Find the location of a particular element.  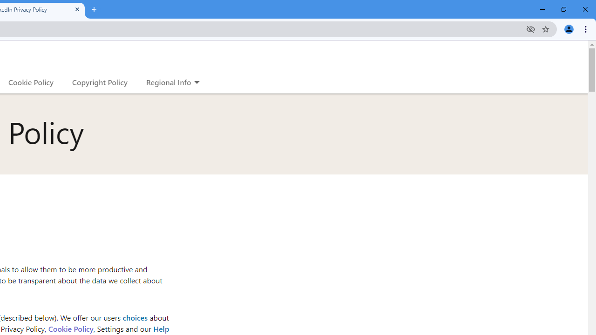

'Regional Info' is located at coordinates (169, 81).